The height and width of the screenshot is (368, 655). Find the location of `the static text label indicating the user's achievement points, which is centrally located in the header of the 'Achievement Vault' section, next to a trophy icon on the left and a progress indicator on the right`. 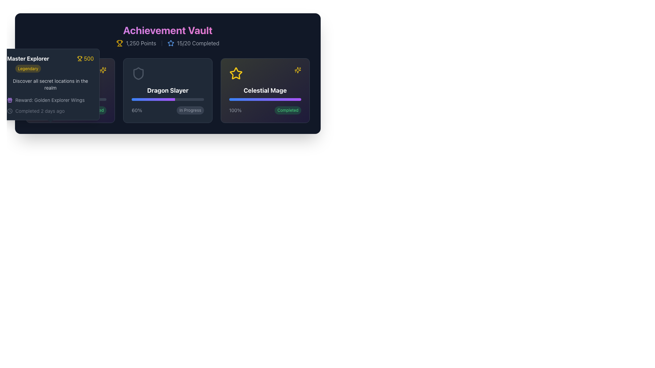

the static text label indicating the user's achievement points, which is centrally located in the header of the 'Achievement Vault' section, next to a trophy icon on the left and a progress indicator on the right is located at coordinates (141, 43).